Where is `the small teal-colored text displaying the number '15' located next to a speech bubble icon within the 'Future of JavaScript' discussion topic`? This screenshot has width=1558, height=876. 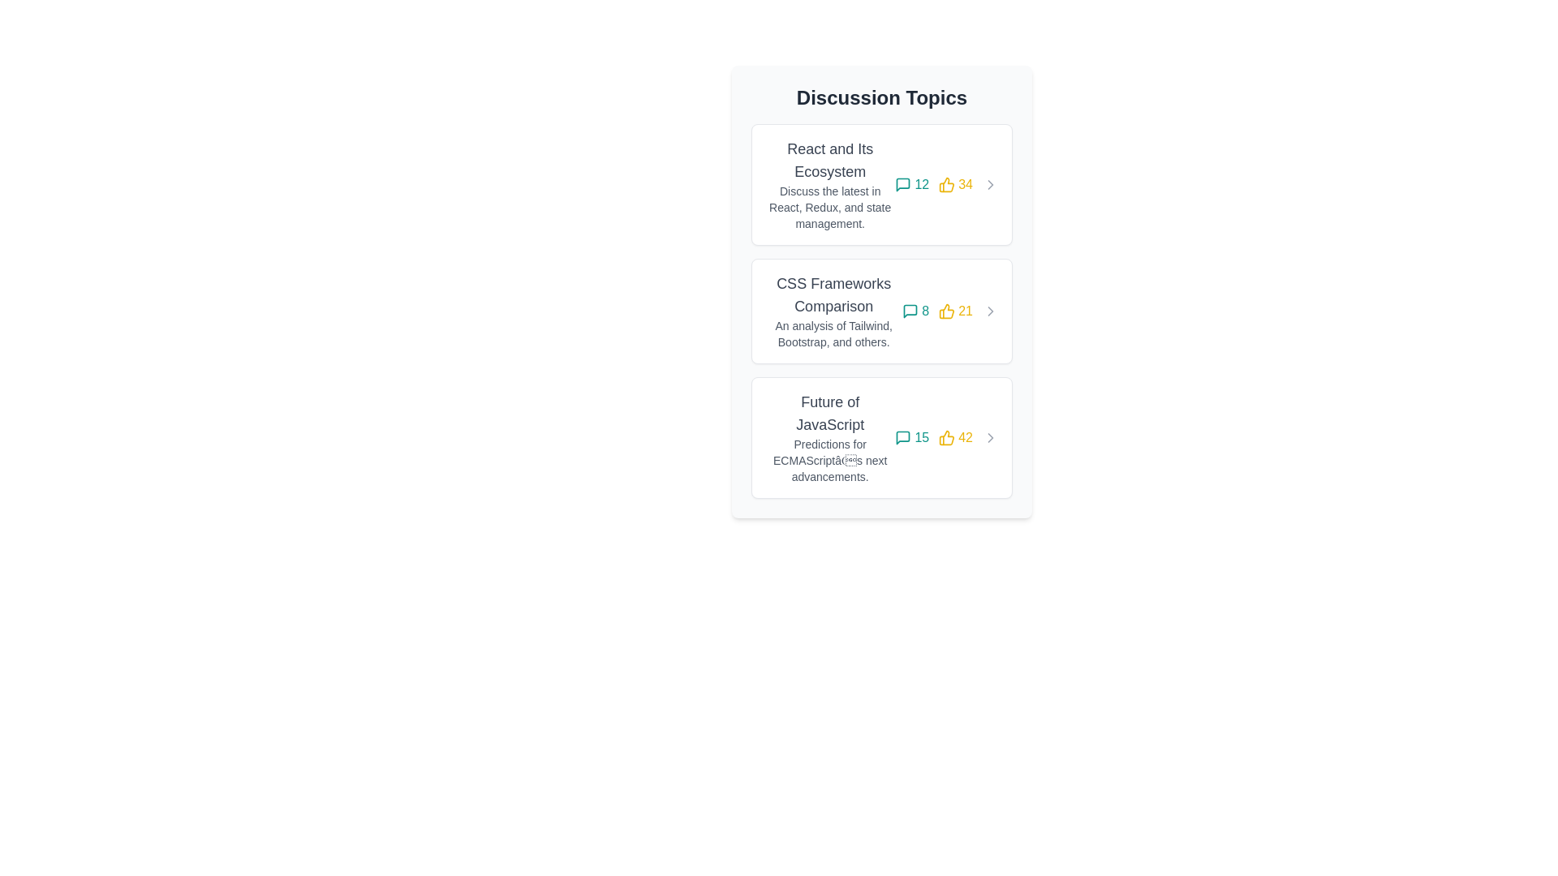
the small teal-colored text displaying the number '15' located next to a speech bubble icon within the 'Future of JavaScript' discussion topic is located at coordinates (912, 438).